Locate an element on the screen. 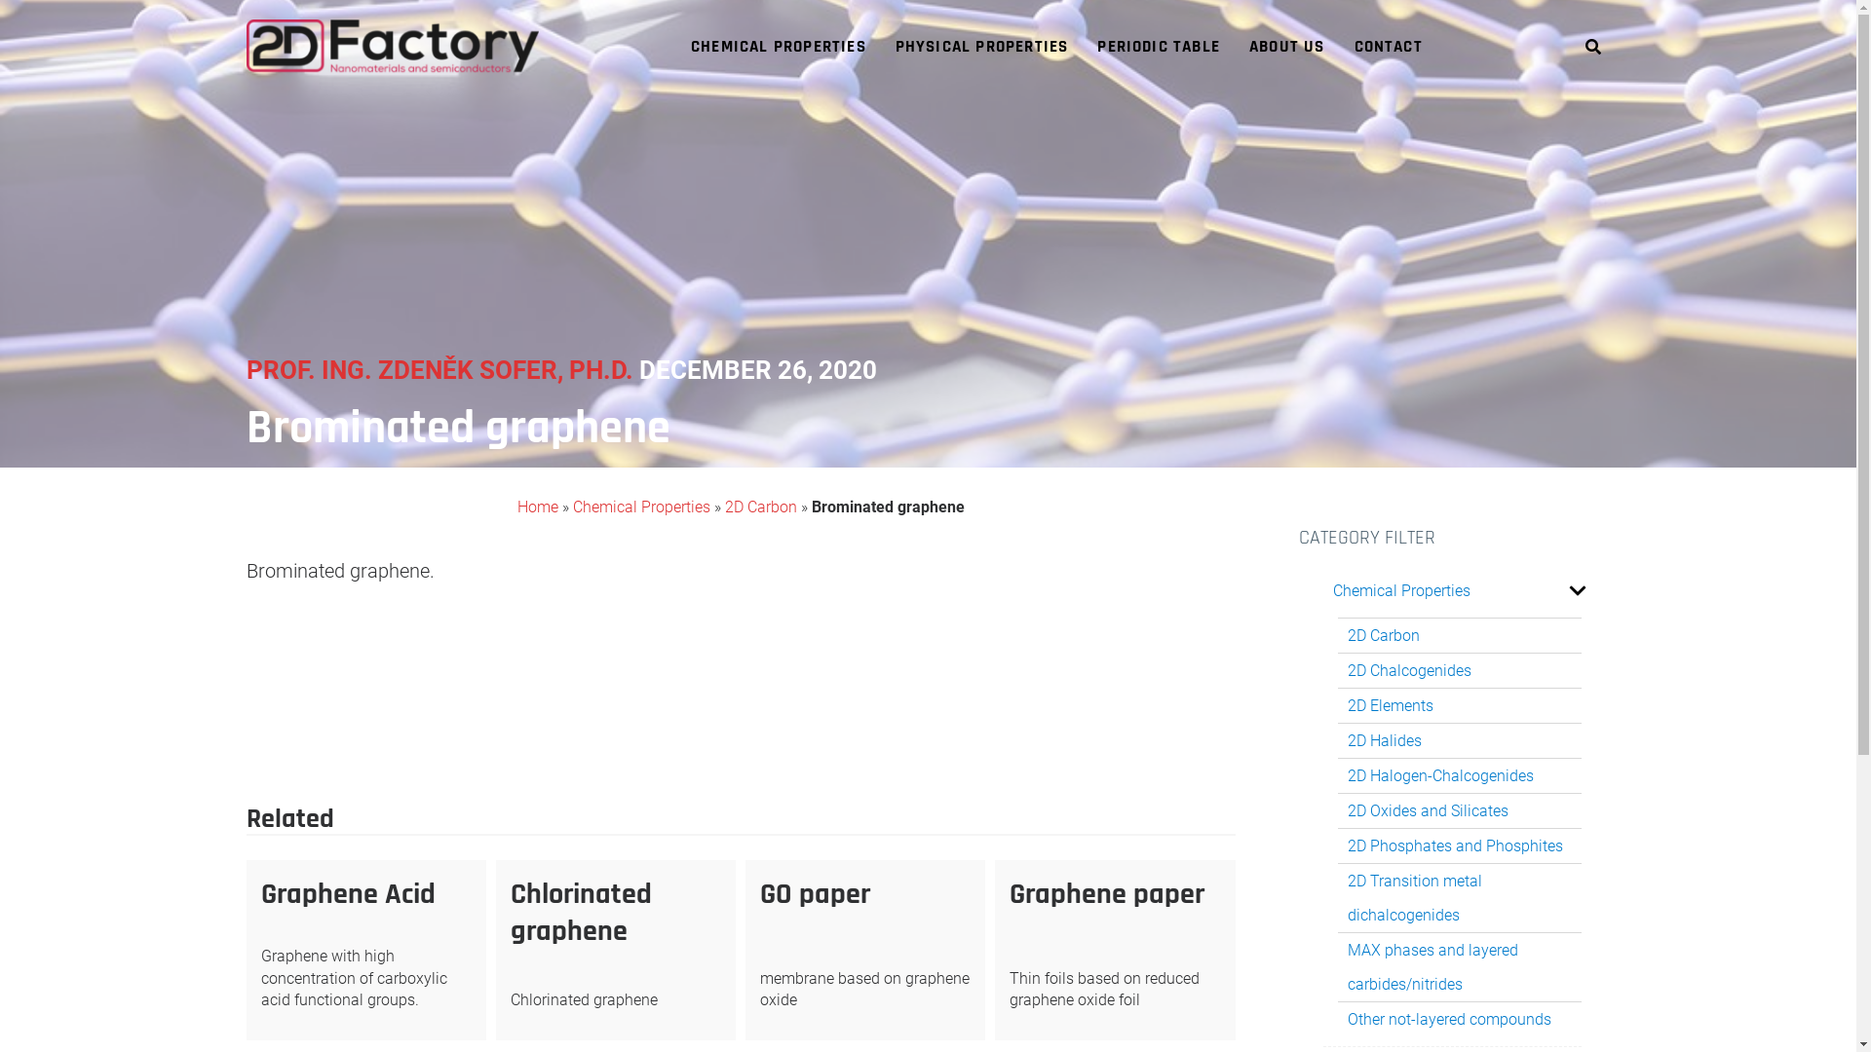 Image resolution: width=1871 pixels, height=1052 pixels. 'Chemical Properties' is located at coordinates (1400, 589).